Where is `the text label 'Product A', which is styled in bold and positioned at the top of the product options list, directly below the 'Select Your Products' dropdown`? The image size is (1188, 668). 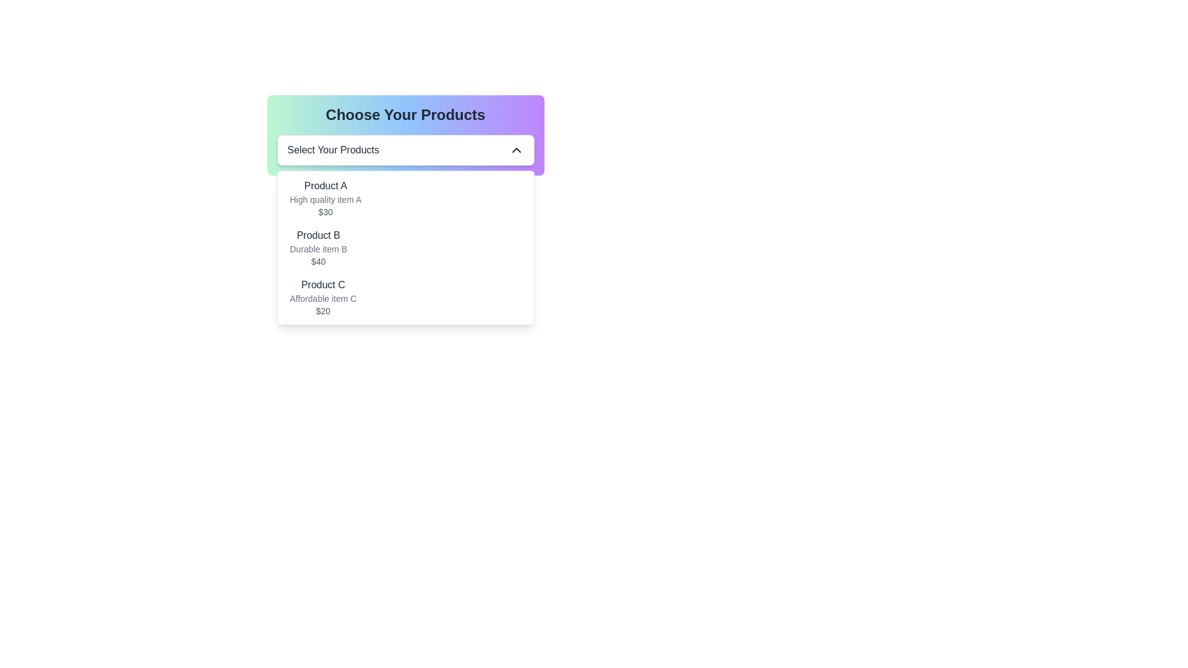
the text label 'Product A', which is styled in bold and positioned at the top of the product options list, directly below the 'Select Your Products' dropdown is located at coordinates (325, 186).